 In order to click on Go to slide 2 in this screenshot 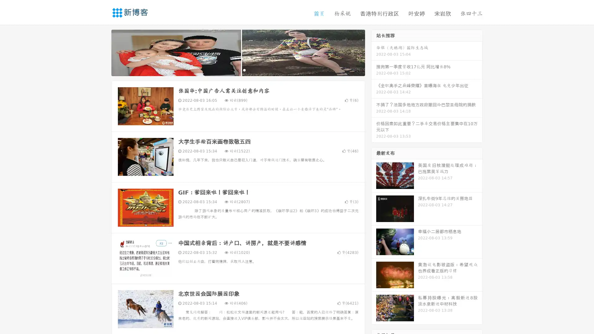, I will do `click(238, 70)`.